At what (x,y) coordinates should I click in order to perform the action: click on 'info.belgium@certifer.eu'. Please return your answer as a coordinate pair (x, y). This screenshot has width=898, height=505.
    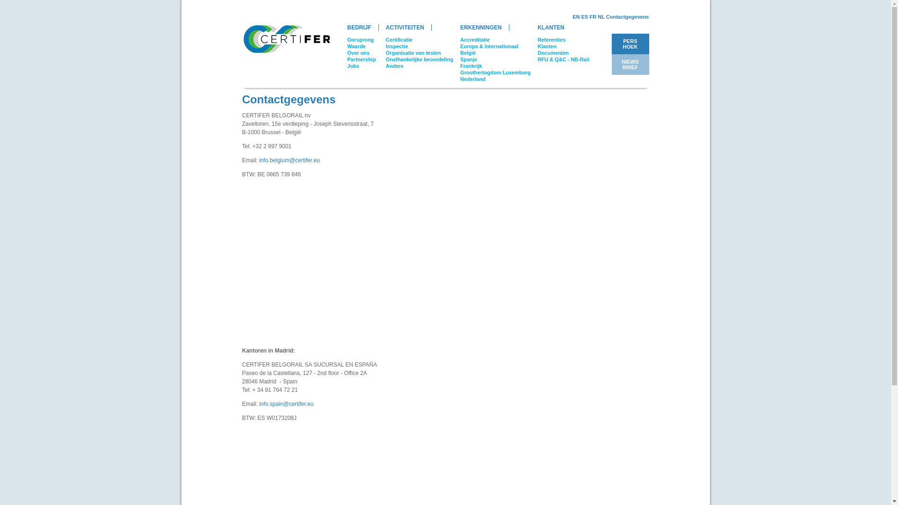
    Looking at the image, I should click on (289, 160).